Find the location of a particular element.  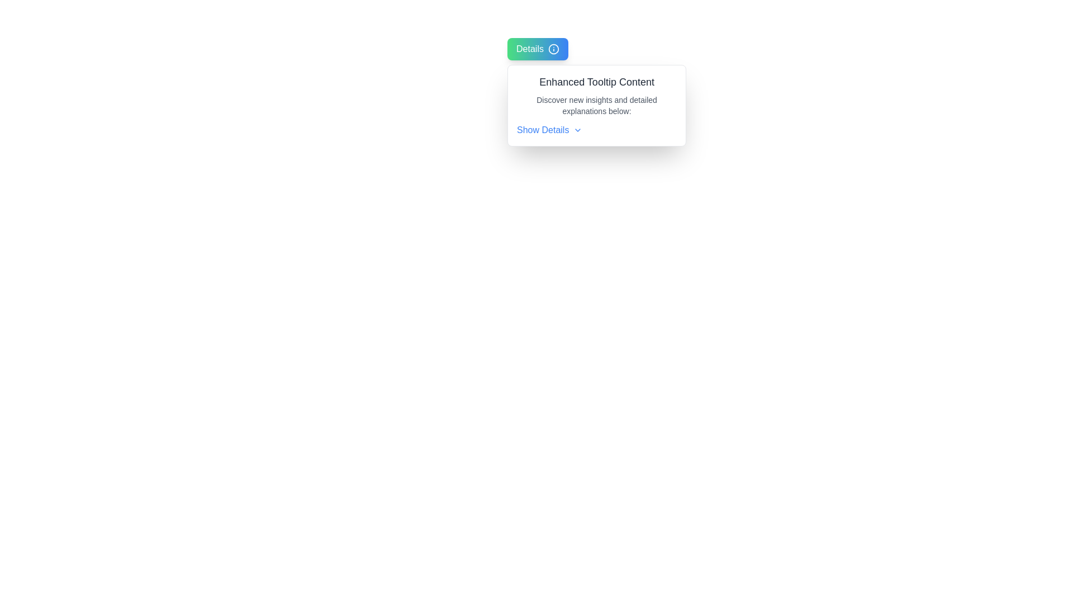

the text label containing the phrase 'Discover new insights and detailed explanations below:' is located at coordinates (596, 106).